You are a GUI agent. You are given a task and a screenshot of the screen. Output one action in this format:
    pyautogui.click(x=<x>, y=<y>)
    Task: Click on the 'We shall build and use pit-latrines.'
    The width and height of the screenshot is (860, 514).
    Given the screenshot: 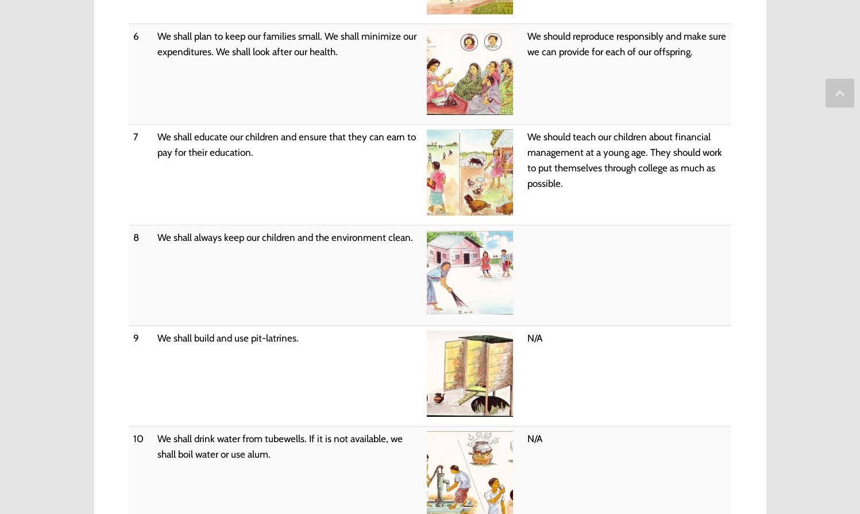 What is the action you would take?
    pyautogui.click(x=226, y=337)
    